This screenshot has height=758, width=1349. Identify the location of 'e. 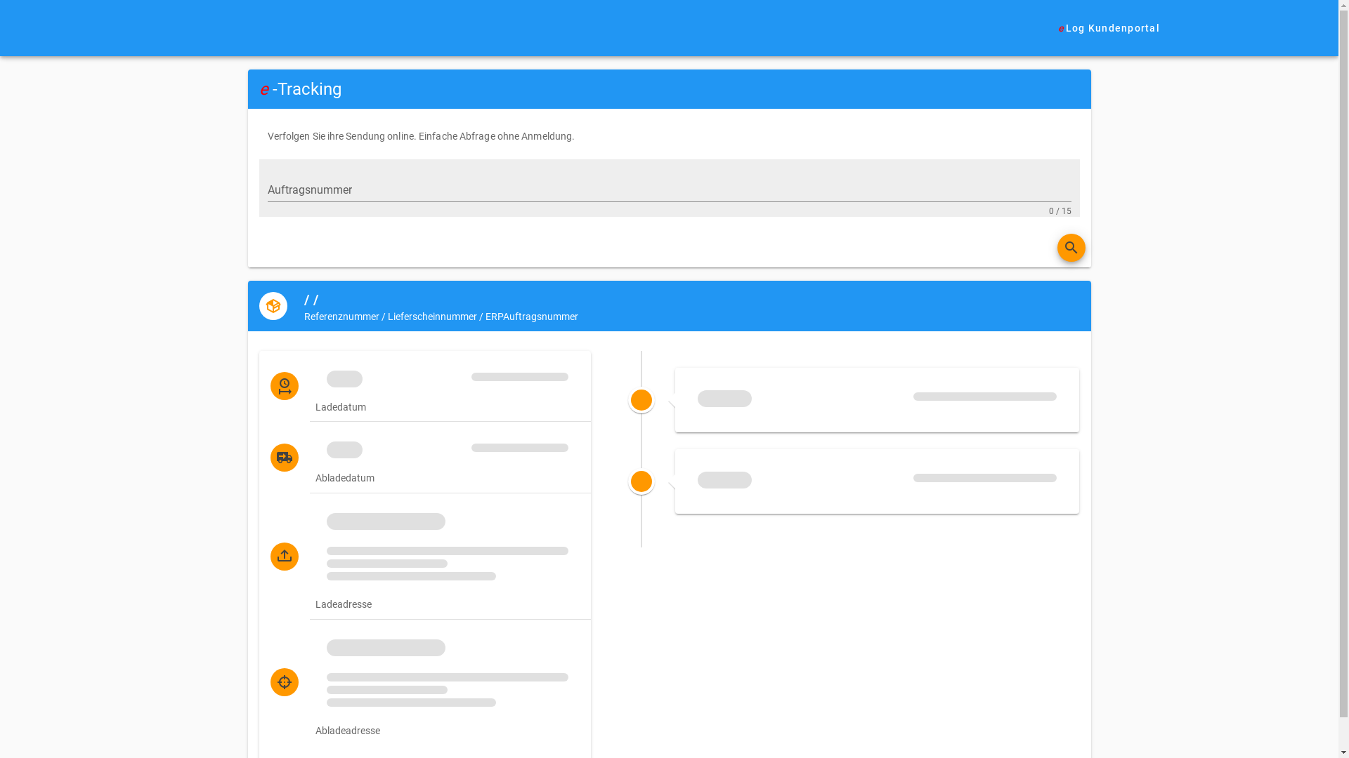
(1045, 27).